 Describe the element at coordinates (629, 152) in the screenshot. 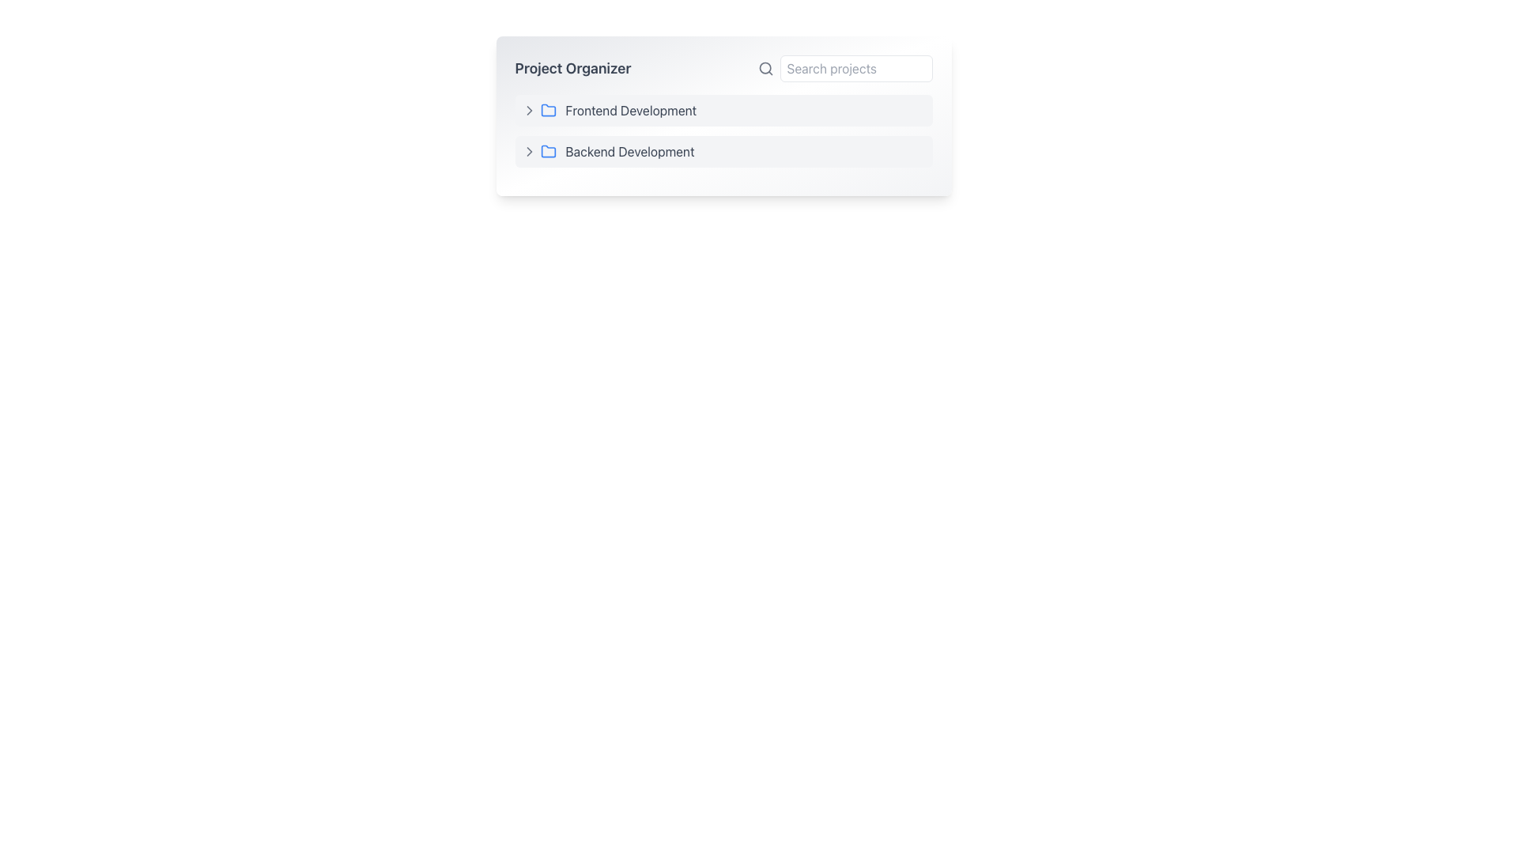

I see `the text label that identifies the section for backend development tasks, located in the 'Project Organizer' list as the second item` at that location.